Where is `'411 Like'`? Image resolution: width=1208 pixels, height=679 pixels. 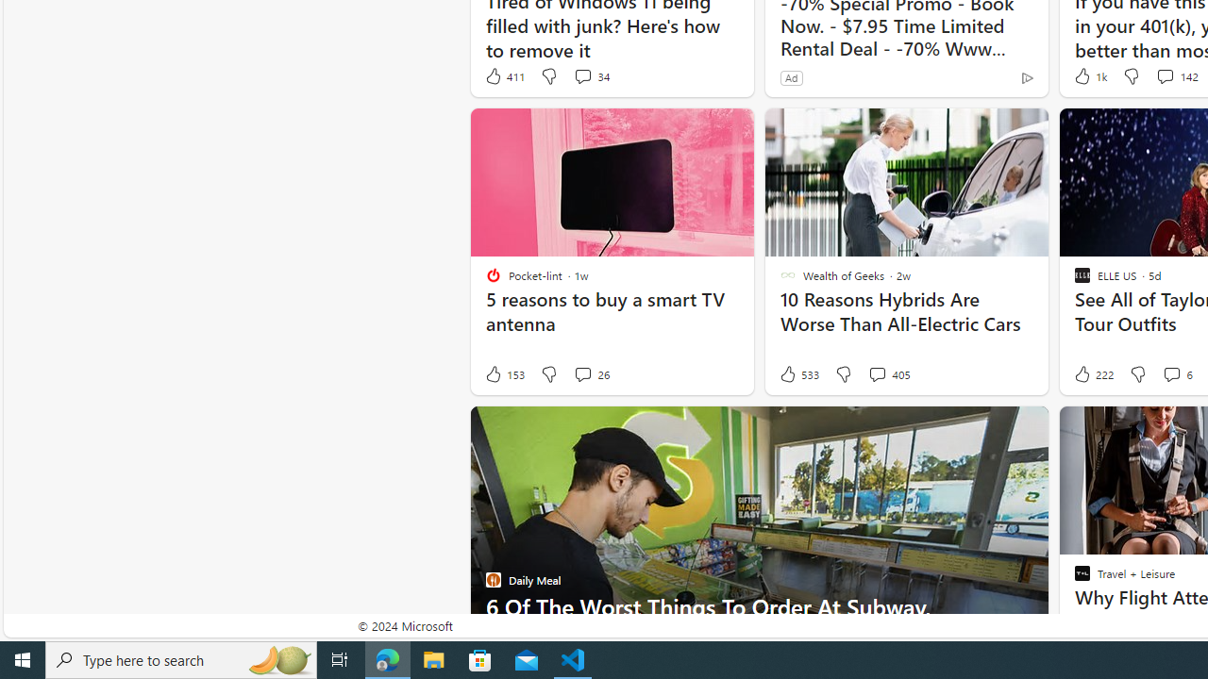
'411 Like' is located at coordinates (504, 75).